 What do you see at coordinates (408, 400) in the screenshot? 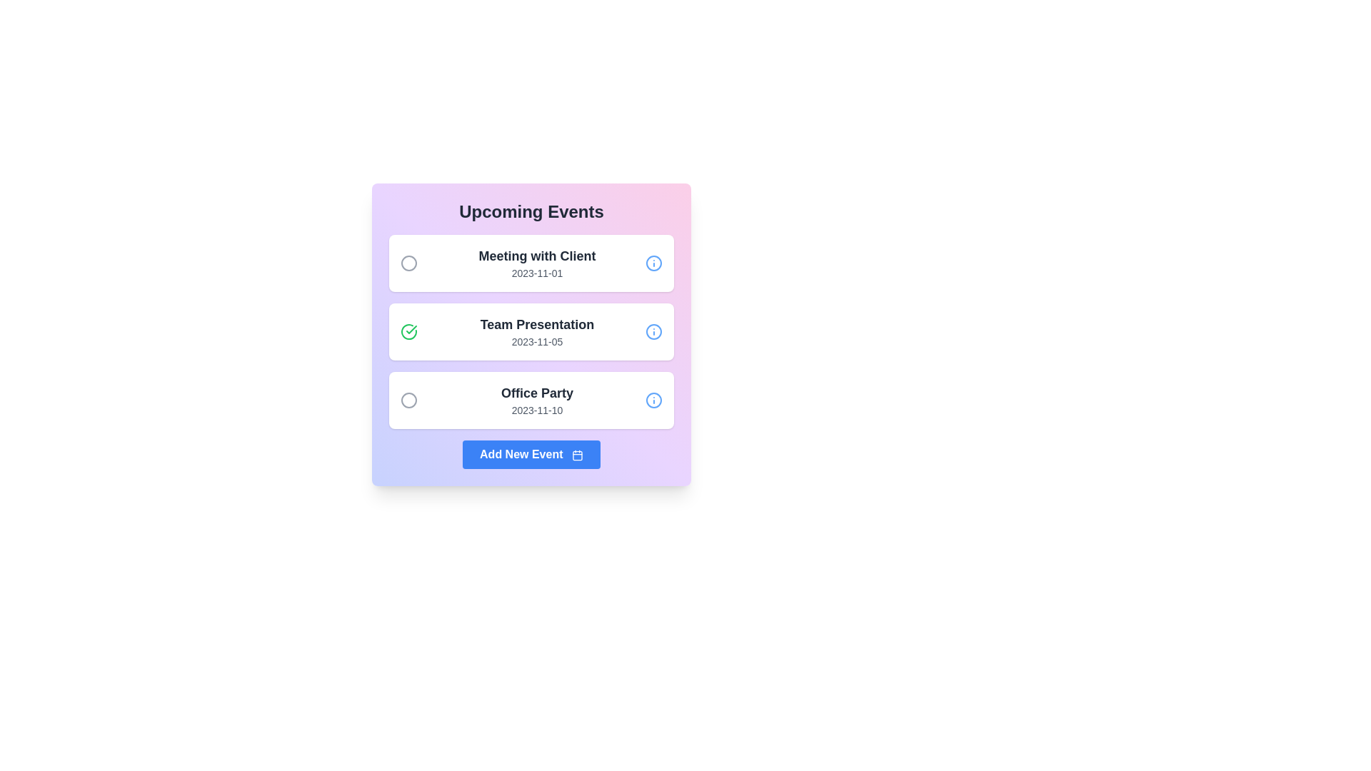
I see `the leftmost icon of the 'Office Party' entry, which is located in the third card from the top in the list` at bounding box center [408, 400].